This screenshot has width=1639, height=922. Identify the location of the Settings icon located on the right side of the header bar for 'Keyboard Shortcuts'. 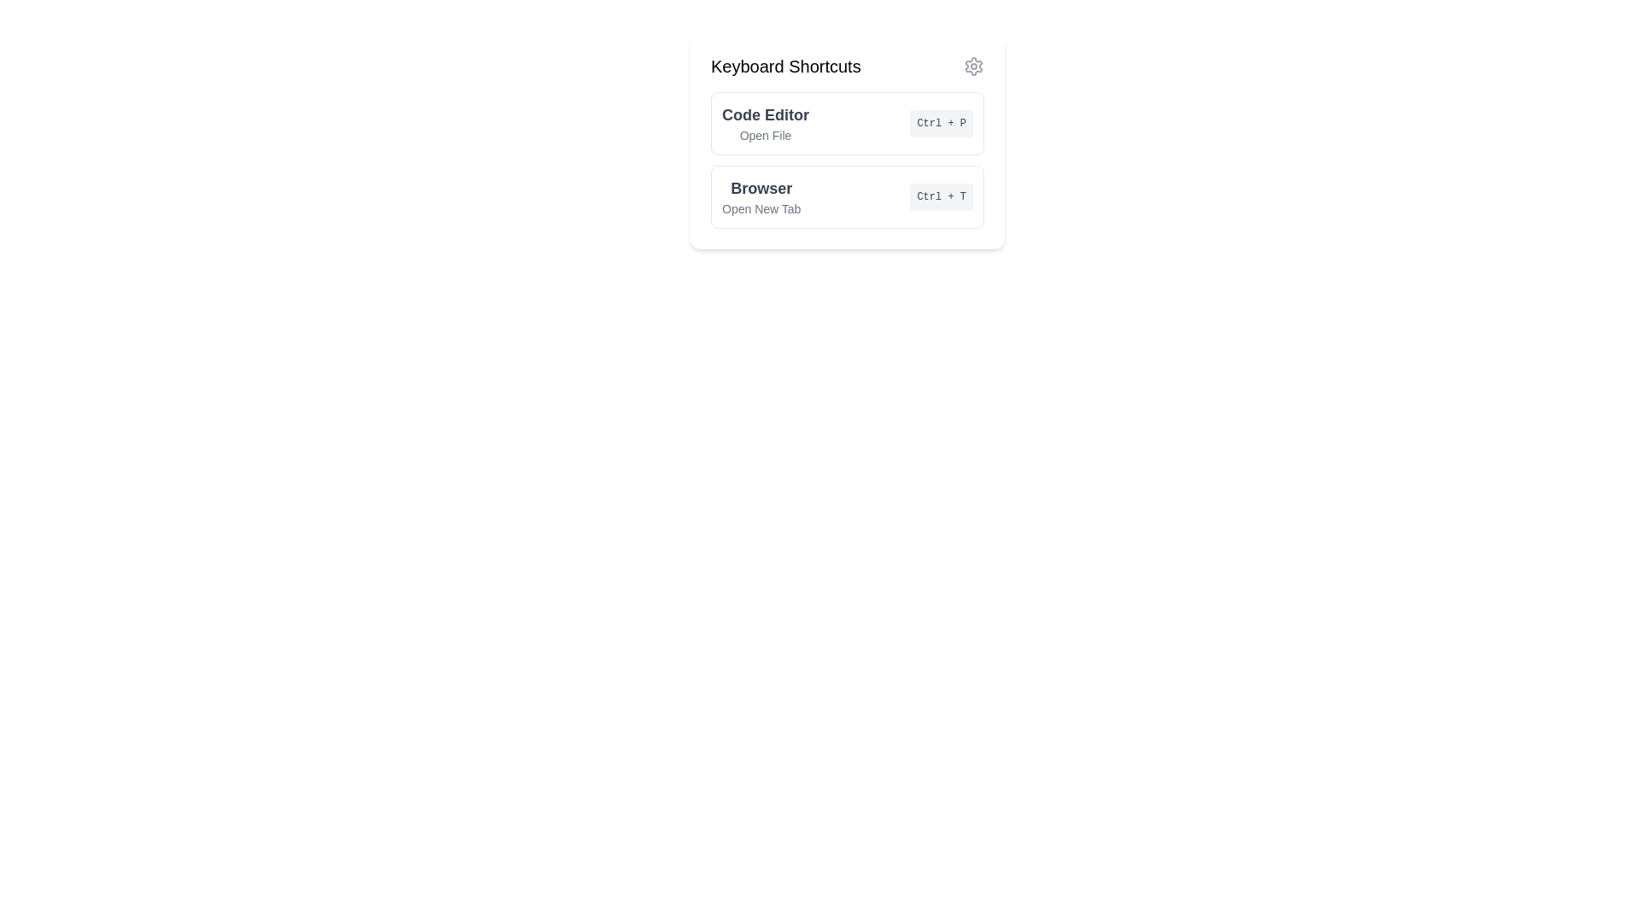
(974, 65).